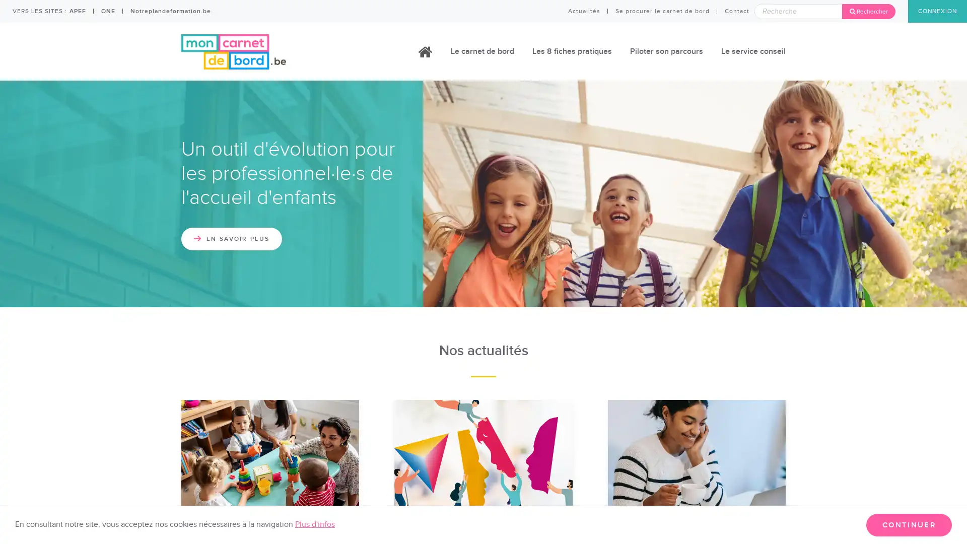 This screenshot has width=967, height=544. Describe the element at coordinates (868, 11) in the screenshot. I see `Rechercher` at that location.